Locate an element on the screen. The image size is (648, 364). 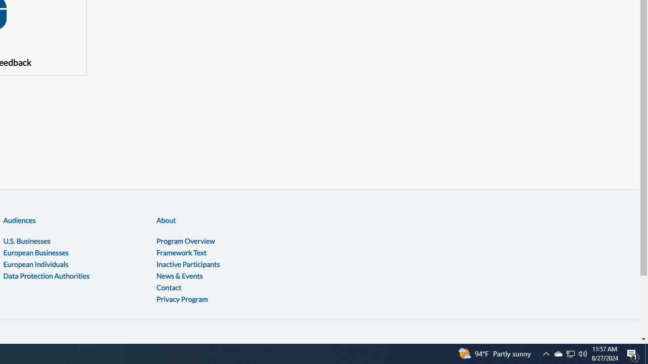
'Program Overview' is located at coordinates (185, 241).